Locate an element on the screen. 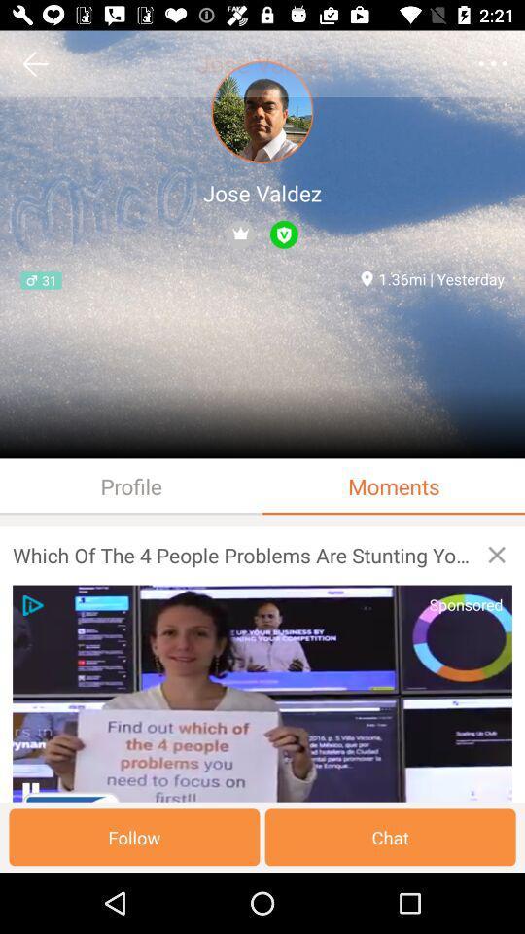  the close button on the web page is located at coordinates (497, 555).